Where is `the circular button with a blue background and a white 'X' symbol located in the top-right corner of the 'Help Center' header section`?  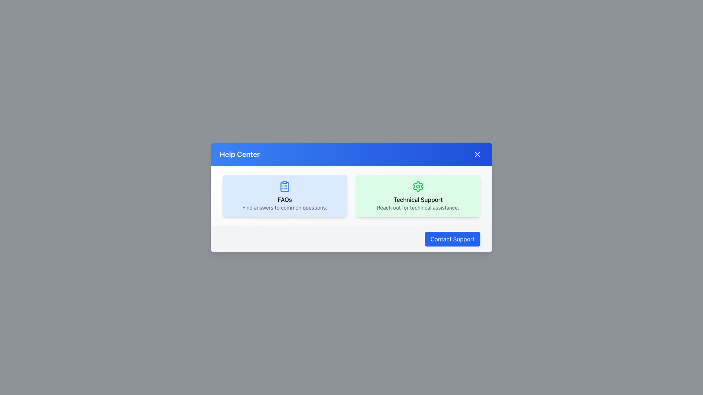
the circular button with a blue background and a white 'X' symbol located in the top-right corner of the 'Help Center' header section is located at coordinates (477, 154).